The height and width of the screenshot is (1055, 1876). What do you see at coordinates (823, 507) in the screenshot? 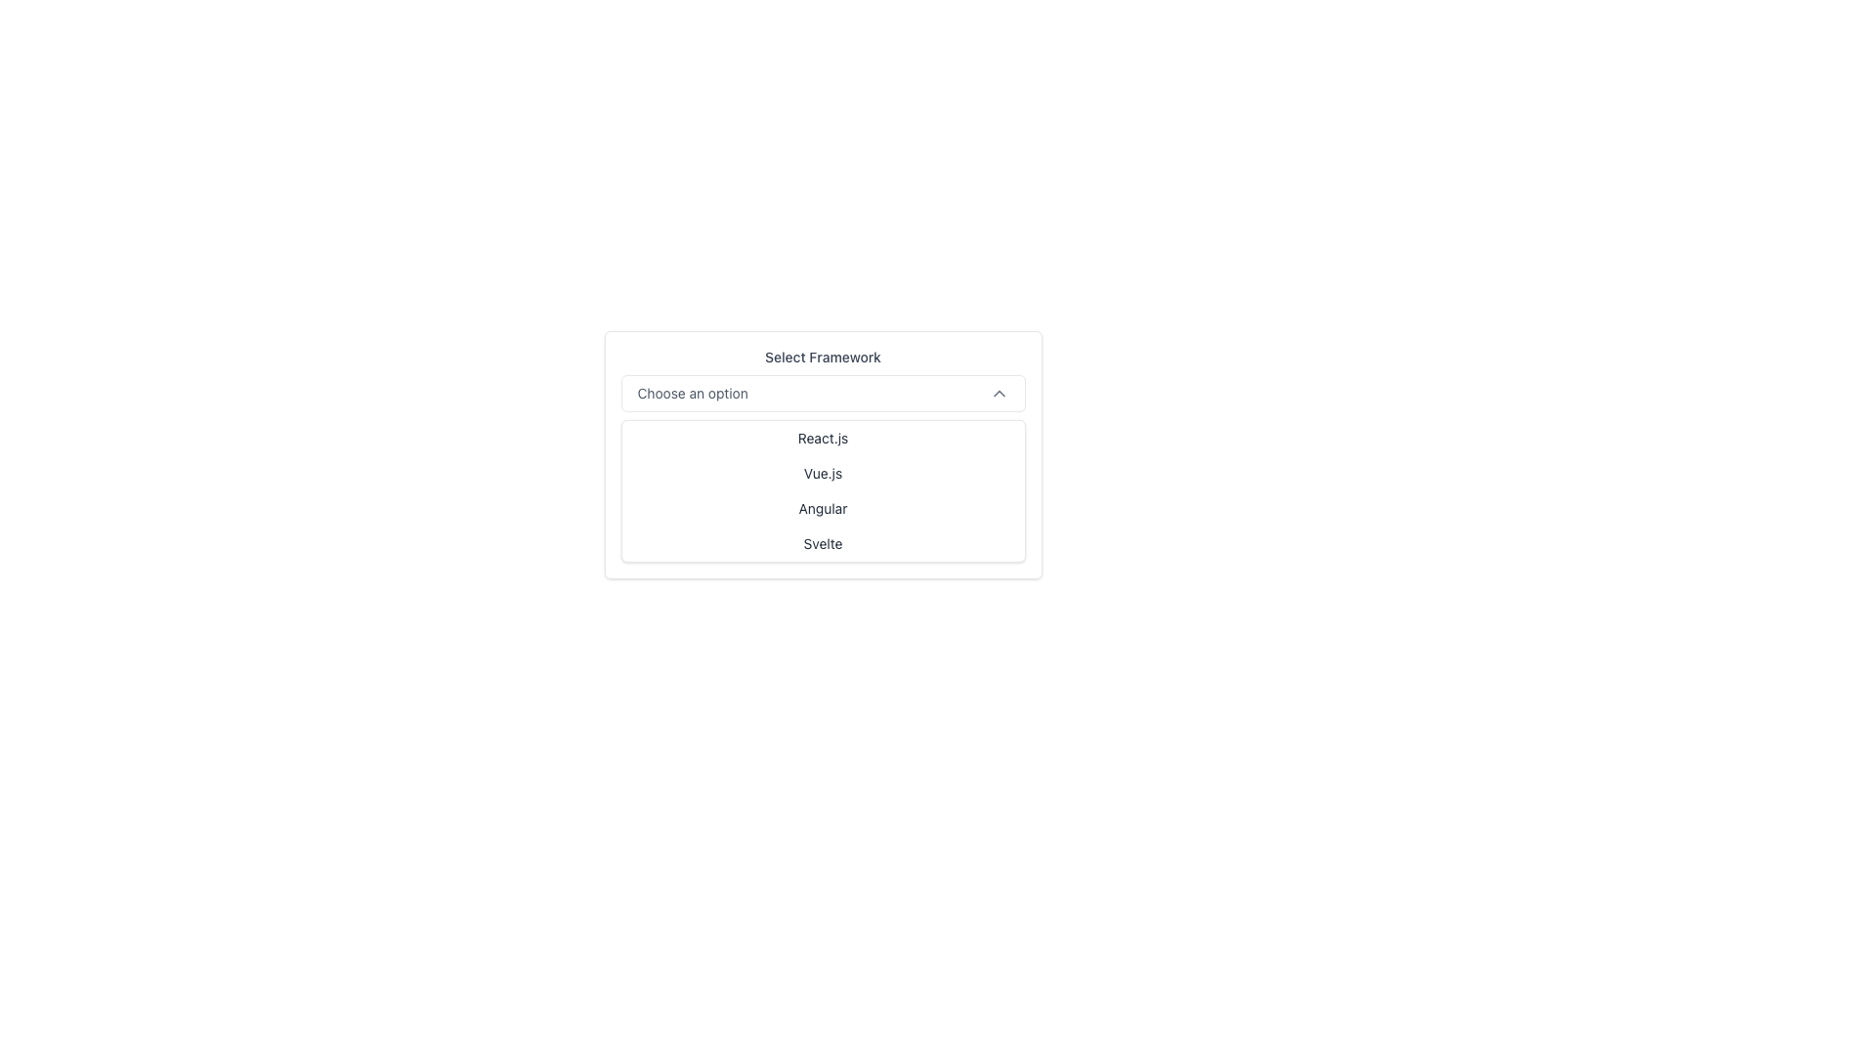
I see `the dropdown menu item displaying 'Angular'` at bounding box center [823, 507].